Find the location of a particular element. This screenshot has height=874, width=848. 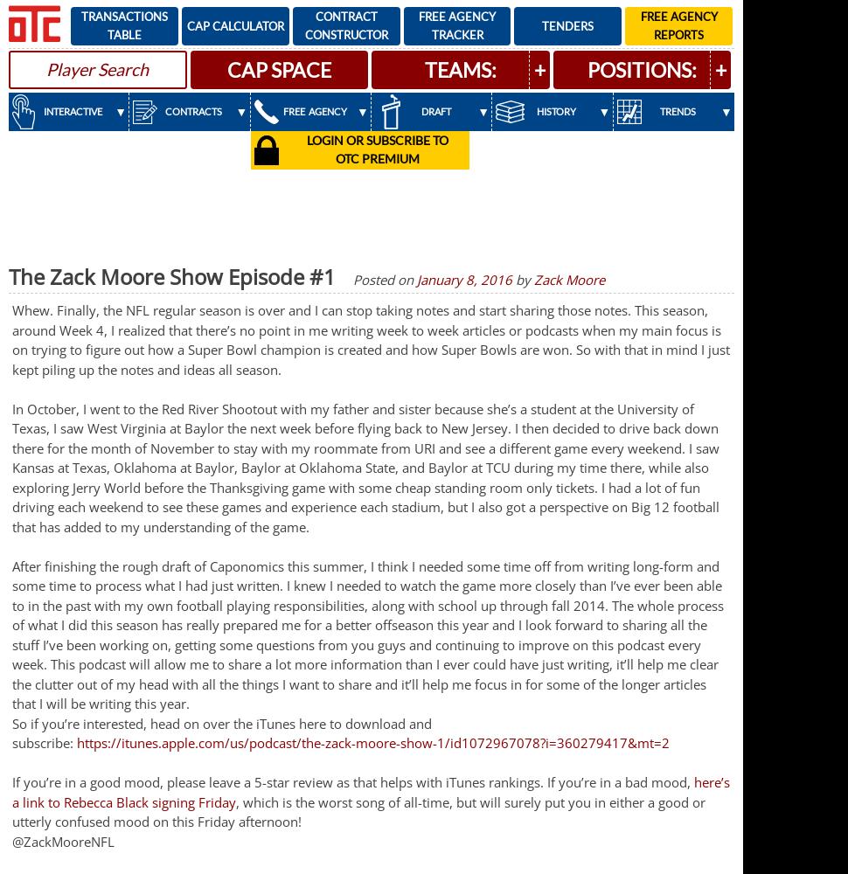

'Transactions Table' is located at coordinates (124, 25).